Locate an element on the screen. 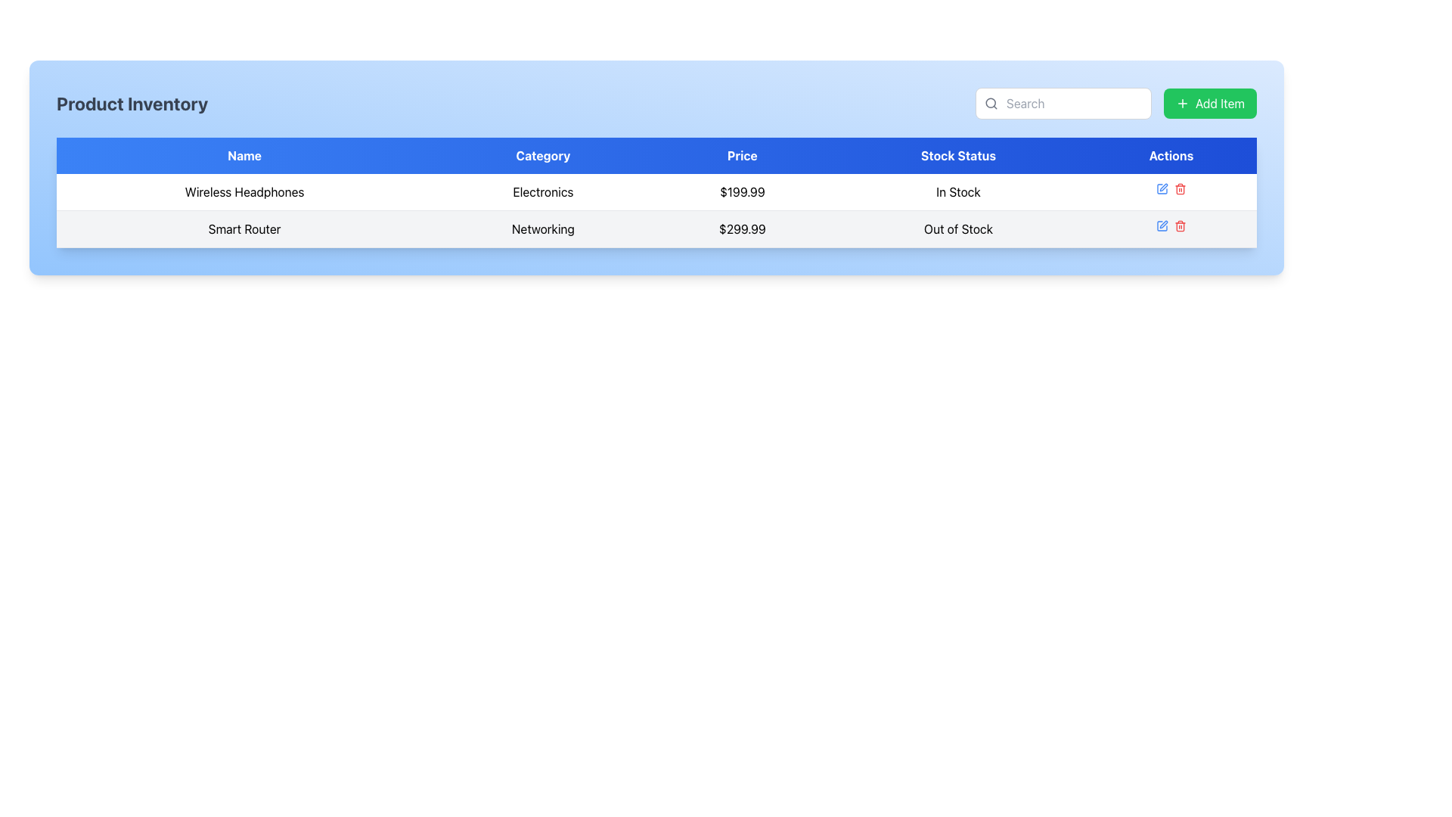  the 'Name' column header of the table located at the top left of the main content area, which serves as a contextual label for the data below it is located at coordinates (244, 155).